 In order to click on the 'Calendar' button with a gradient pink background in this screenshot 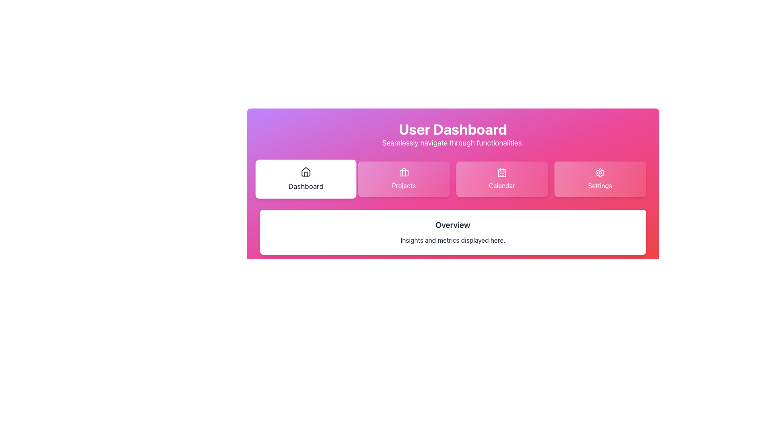, I will do `click(501, 179)`.